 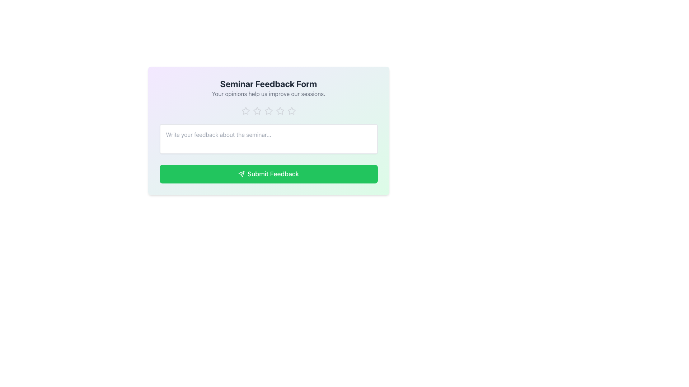 I want to click on the fifth star icon in the horizontal series of five stars, so click(x=291, y=111).